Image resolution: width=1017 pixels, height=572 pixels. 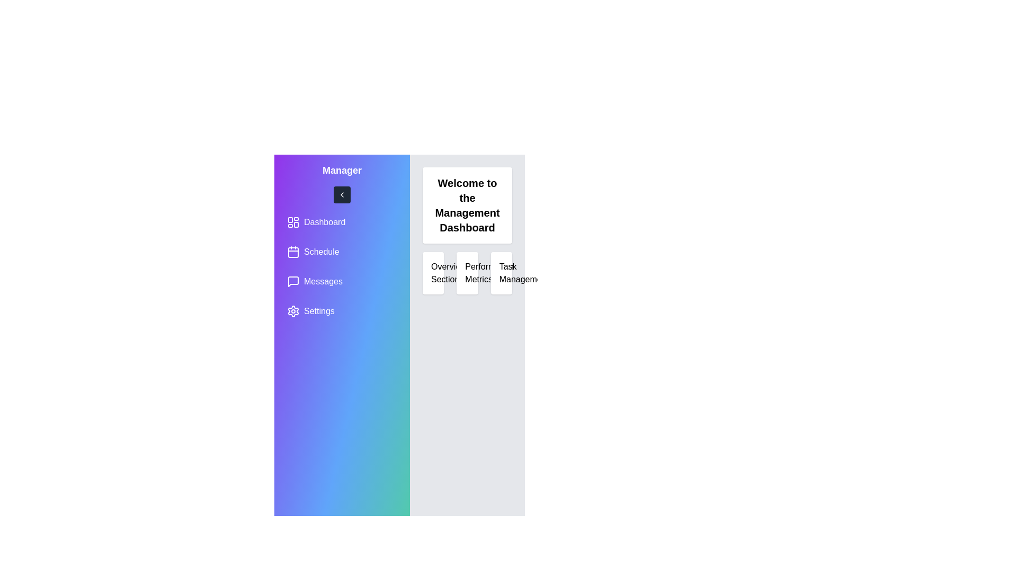 I want to click on the 'Performance Metrics' informational card, which is the second card in a horizontal sequence of three within the dashboard interface, so click(x=467, y=273).